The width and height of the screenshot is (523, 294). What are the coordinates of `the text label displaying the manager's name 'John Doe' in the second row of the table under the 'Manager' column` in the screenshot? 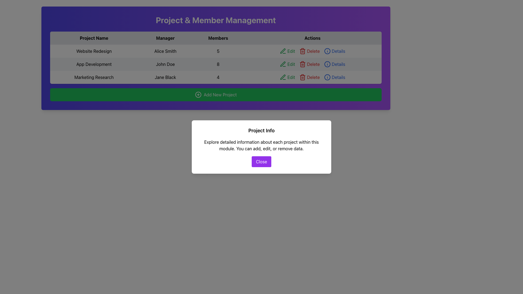 It's located at (165, 64).